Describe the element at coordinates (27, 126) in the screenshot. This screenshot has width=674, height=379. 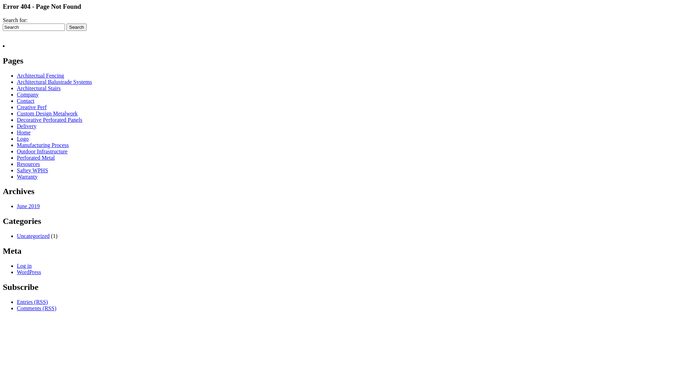
I see `'Delivery'` at that location.